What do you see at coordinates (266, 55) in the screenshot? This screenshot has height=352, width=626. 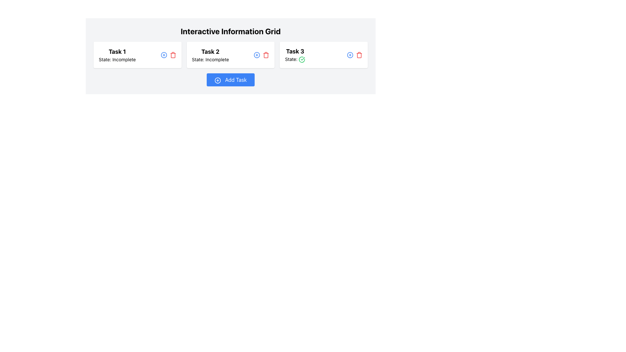 I see `the trash icon within the 'Task 2' information card` at bounding box center [266, 55].